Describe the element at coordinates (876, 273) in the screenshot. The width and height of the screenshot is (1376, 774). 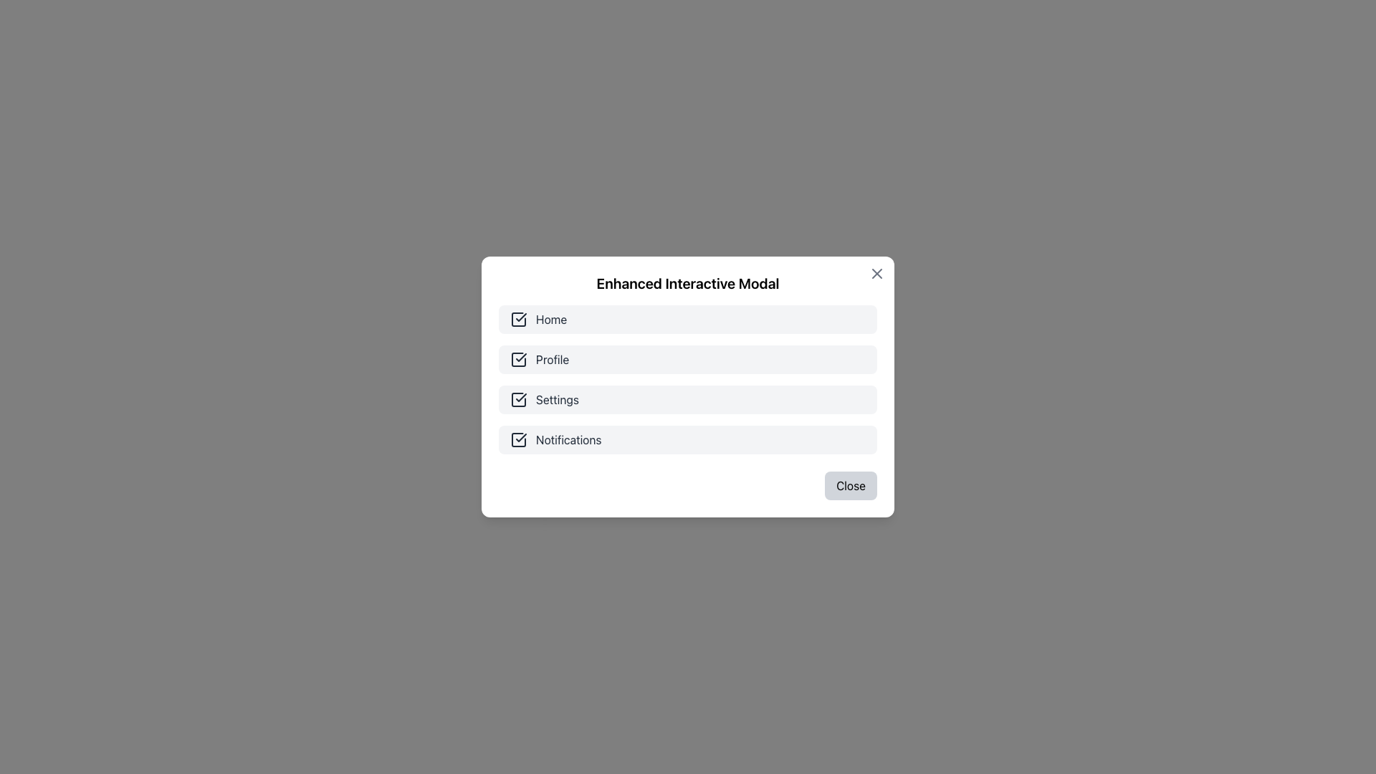
I see `the Close Button with an 'X' icon located at the top-right corner of the modal` at that location.